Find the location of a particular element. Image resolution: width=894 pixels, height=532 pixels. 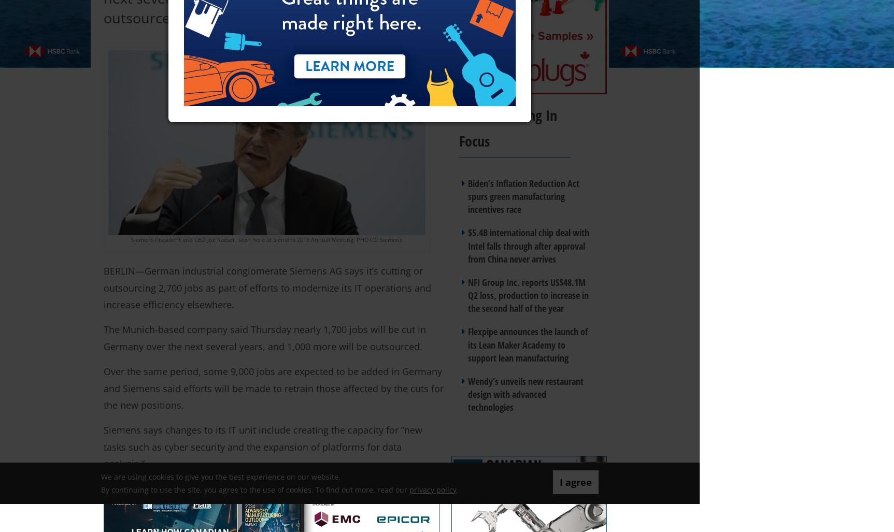

'The Munich-based company said Thursday nearly 1,700 jobs will be cut in Germany over the next several years, and 1,000 more will be outsourced.' is located at coordinates (103, 337).